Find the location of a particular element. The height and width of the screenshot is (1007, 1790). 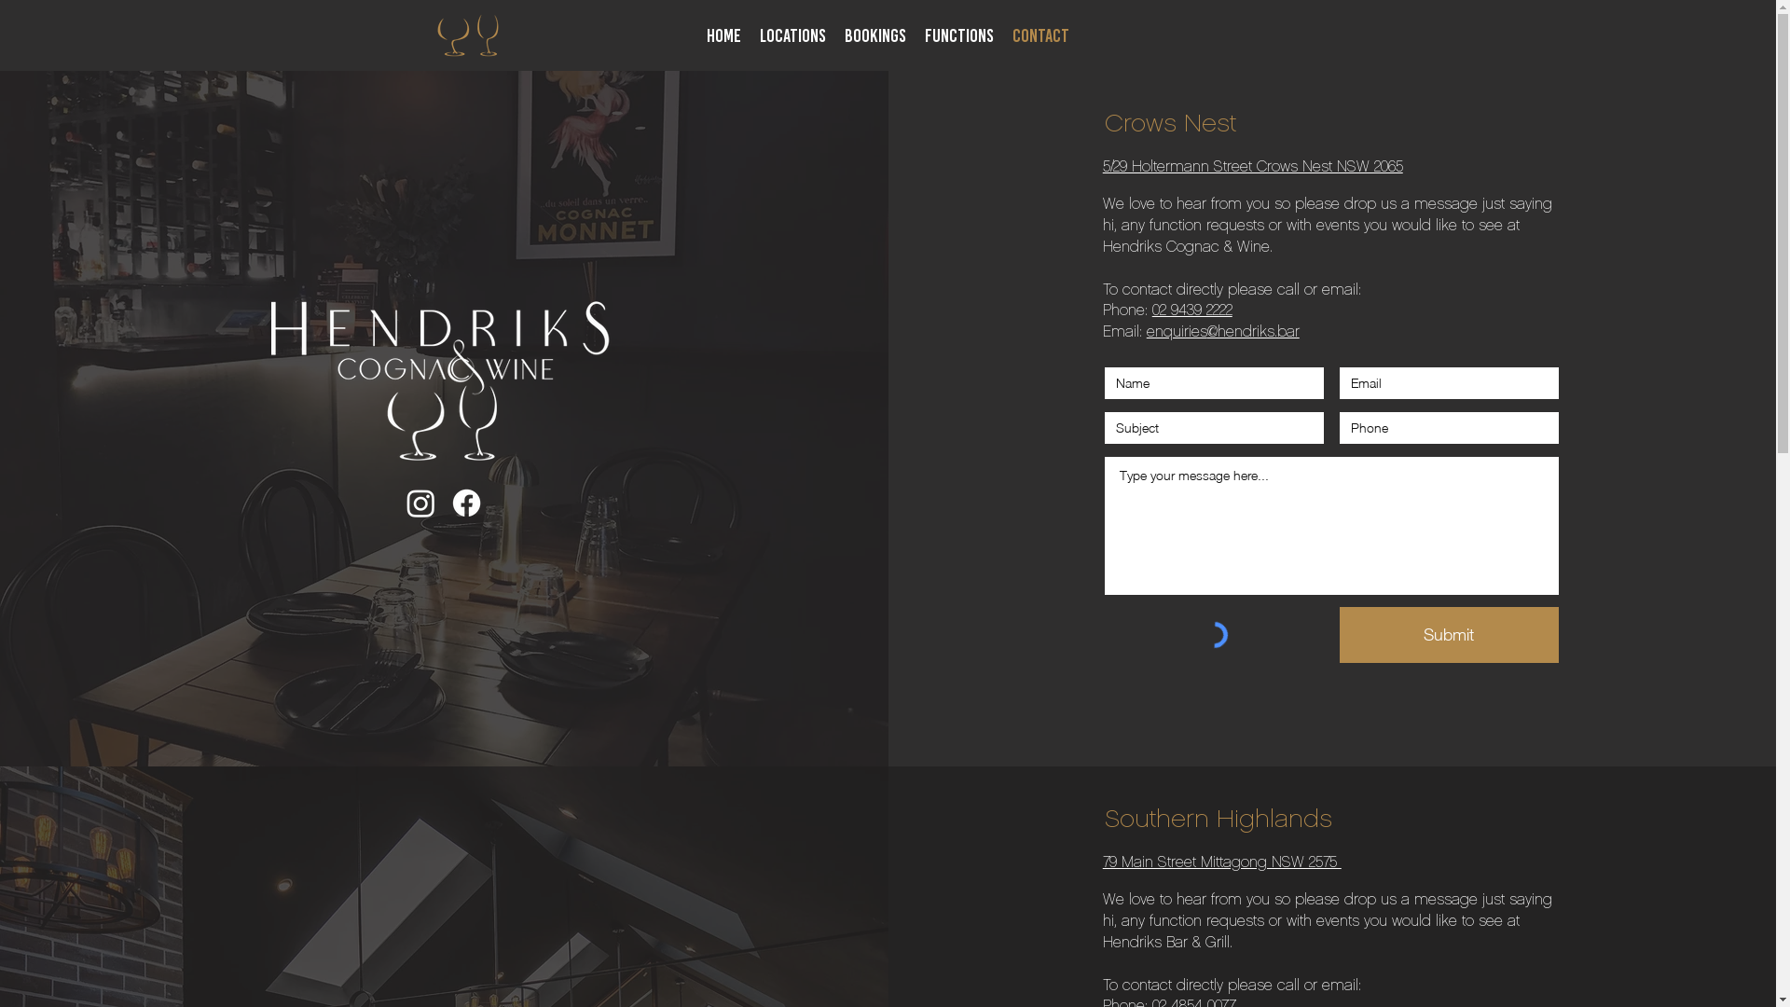

'CONTACT' is located at coordinates (1040, 35).